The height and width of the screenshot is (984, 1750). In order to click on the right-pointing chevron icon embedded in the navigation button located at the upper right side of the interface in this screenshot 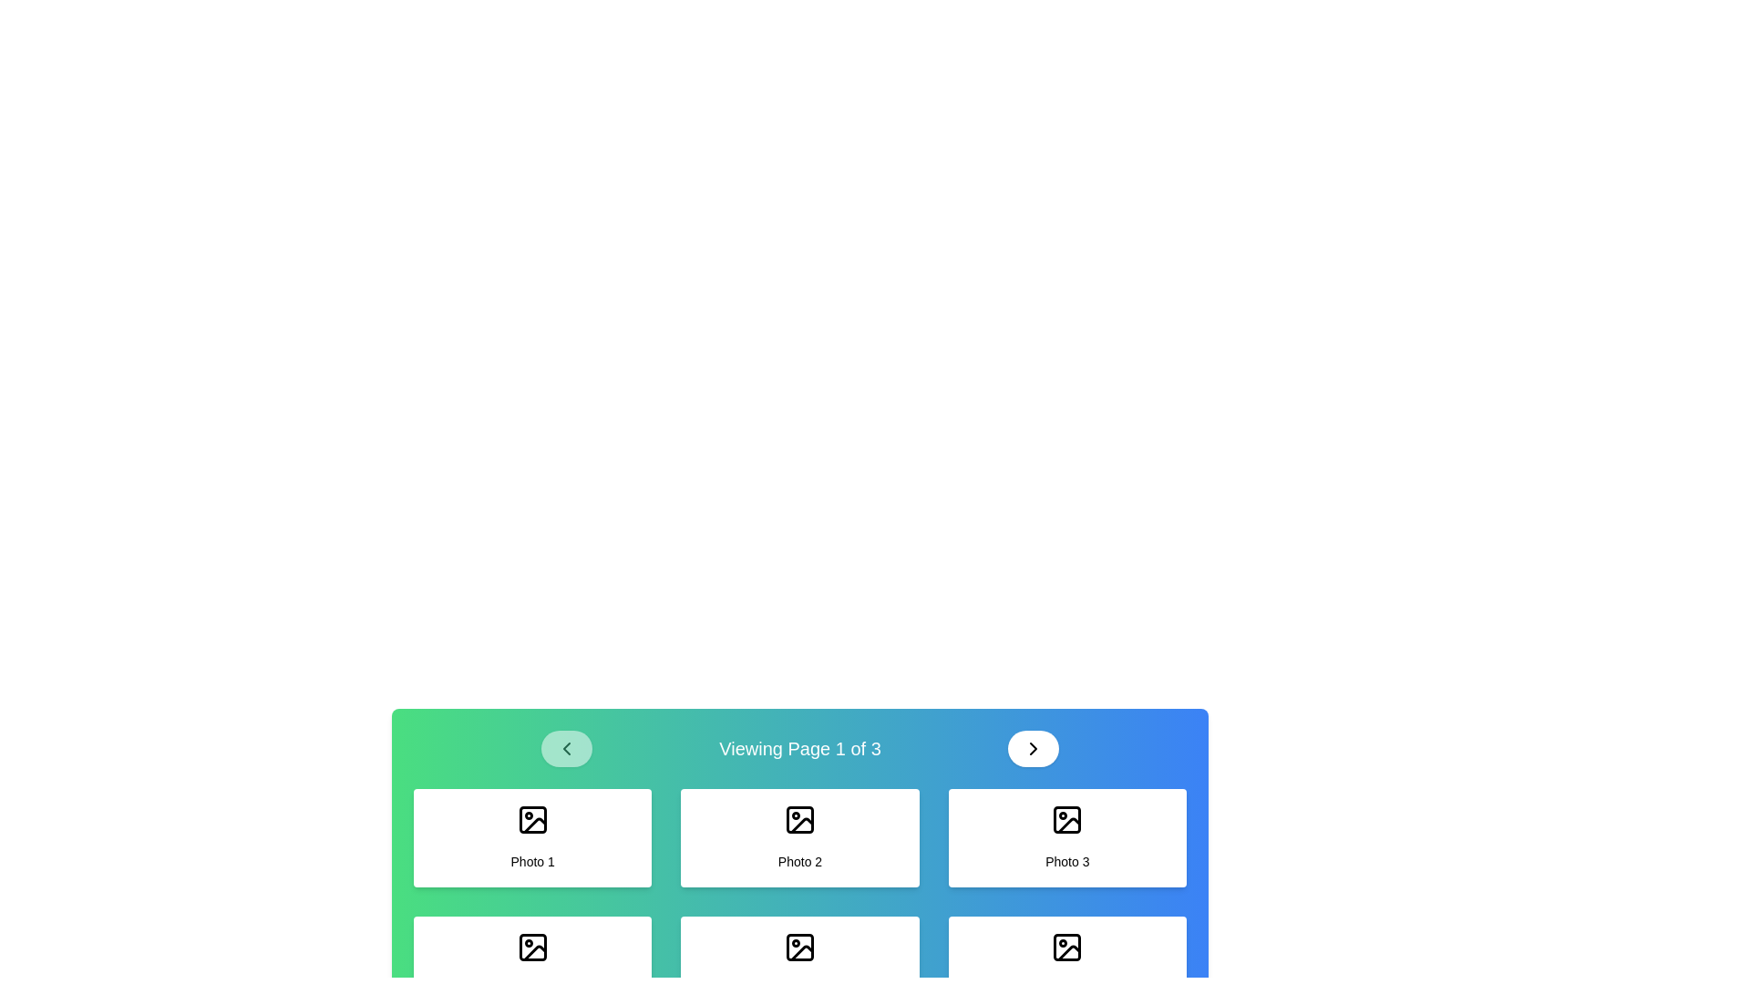, I will do `click(1034, 748)`.